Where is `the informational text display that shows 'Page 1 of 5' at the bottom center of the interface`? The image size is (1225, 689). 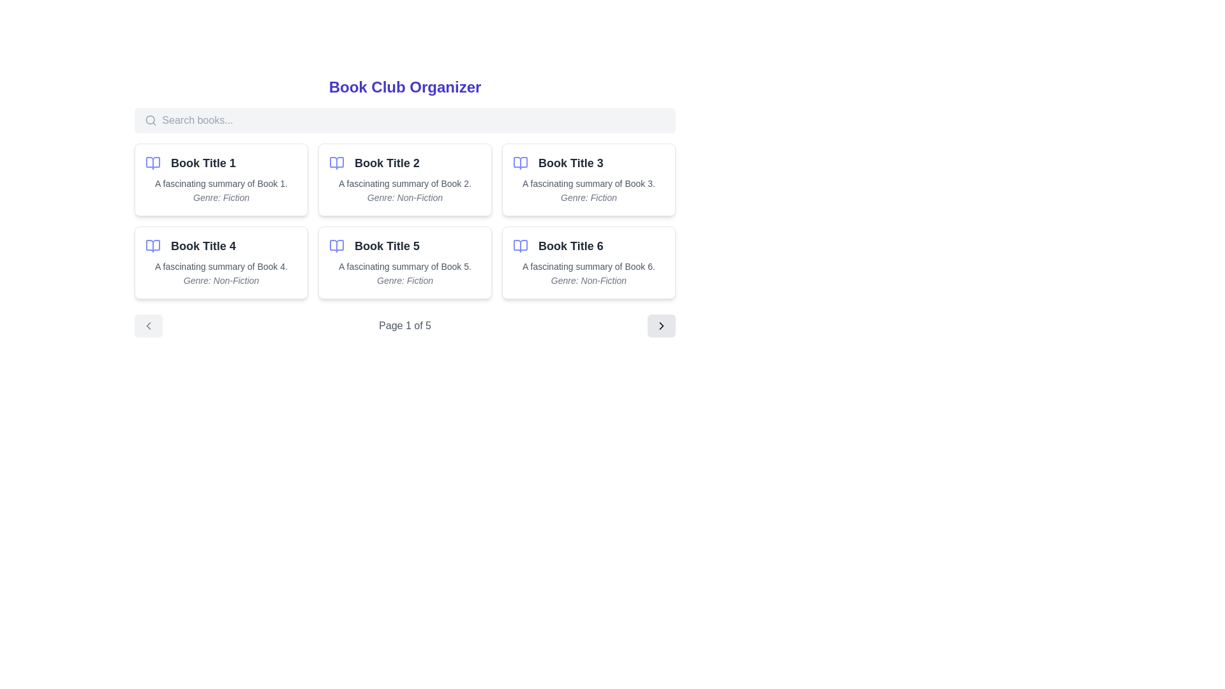 the informational text display that shows 'Page 1 of 5' at the bottom center of the interface is located at coordinates (404, 325).